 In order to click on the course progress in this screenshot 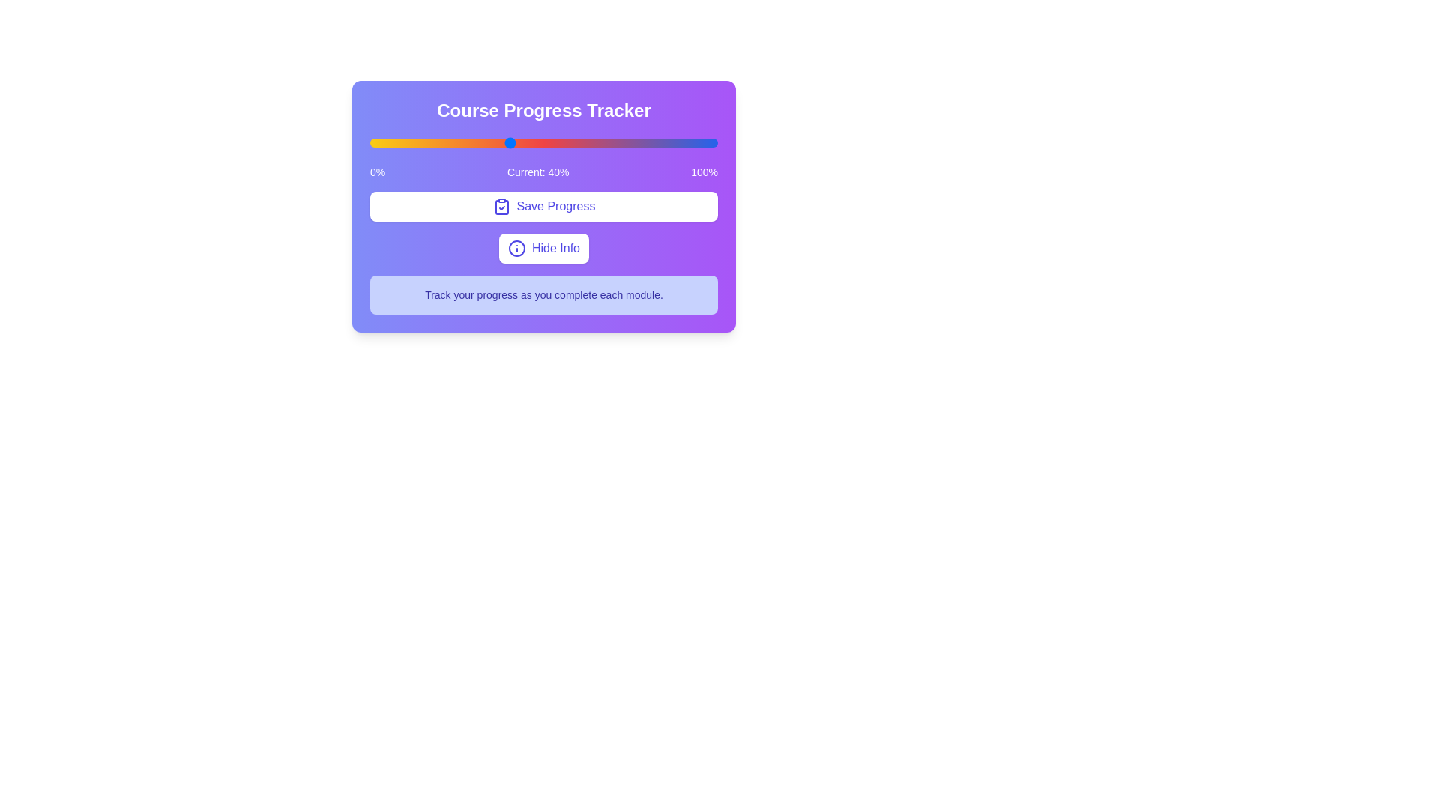, I will do `click(537, 143)`.